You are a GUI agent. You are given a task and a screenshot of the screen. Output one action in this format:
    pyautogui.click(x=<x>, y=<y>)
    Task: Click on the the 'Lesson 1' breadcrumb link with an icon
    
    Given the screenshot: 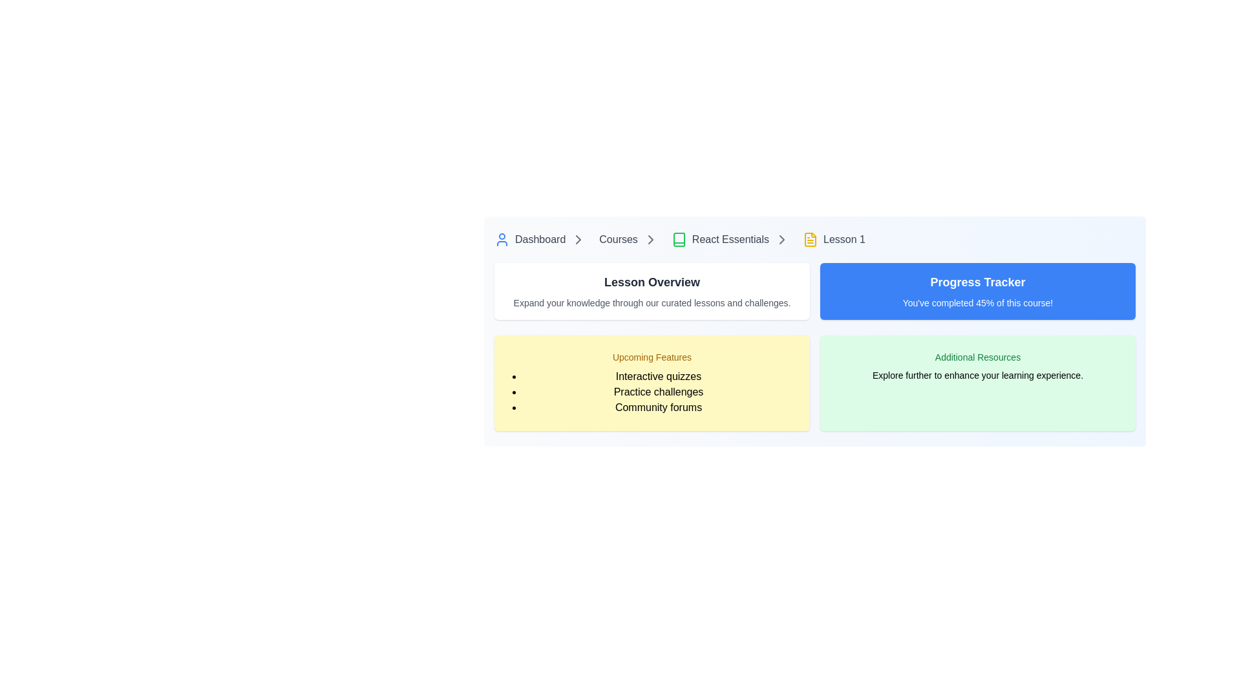 What is the action you would take?
    pyautogui.click(x=834, y=239)
    